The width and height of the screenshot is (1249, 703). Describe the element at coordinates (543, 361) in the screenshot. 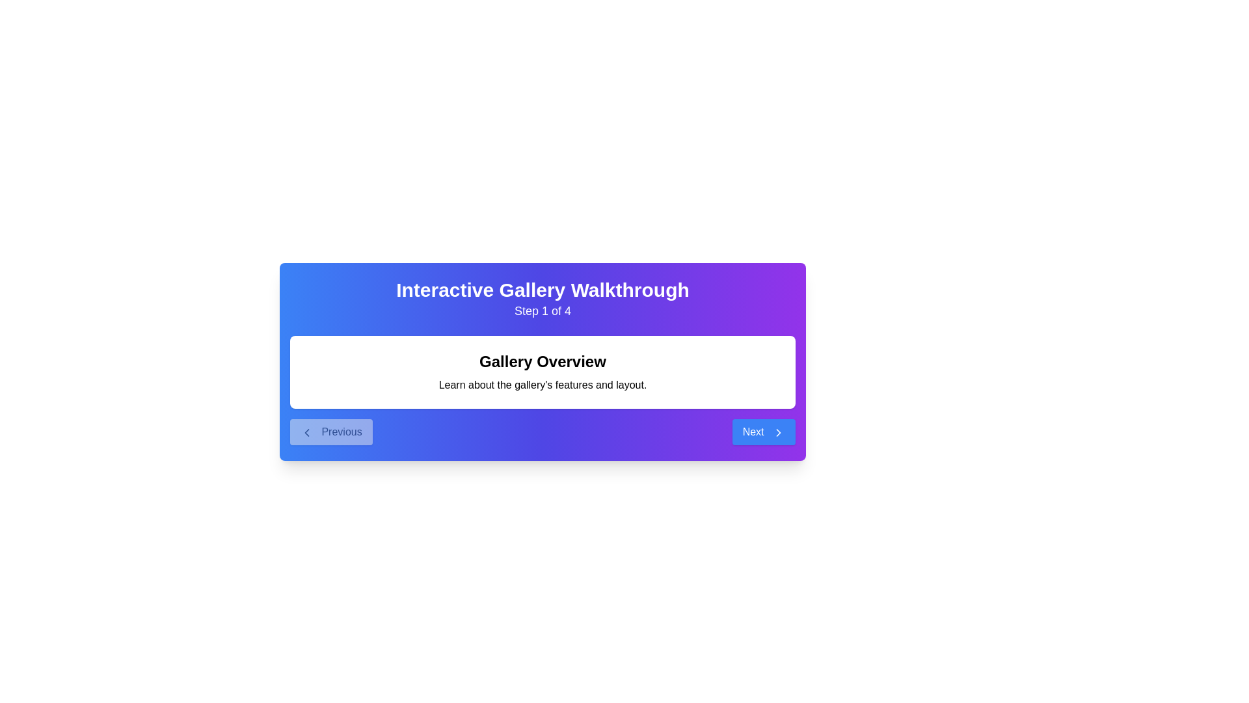

I see `the bold, large-sized heading text element displaying 'Gallery Overview', which is centered at the top of a white rectangular box` at that location.